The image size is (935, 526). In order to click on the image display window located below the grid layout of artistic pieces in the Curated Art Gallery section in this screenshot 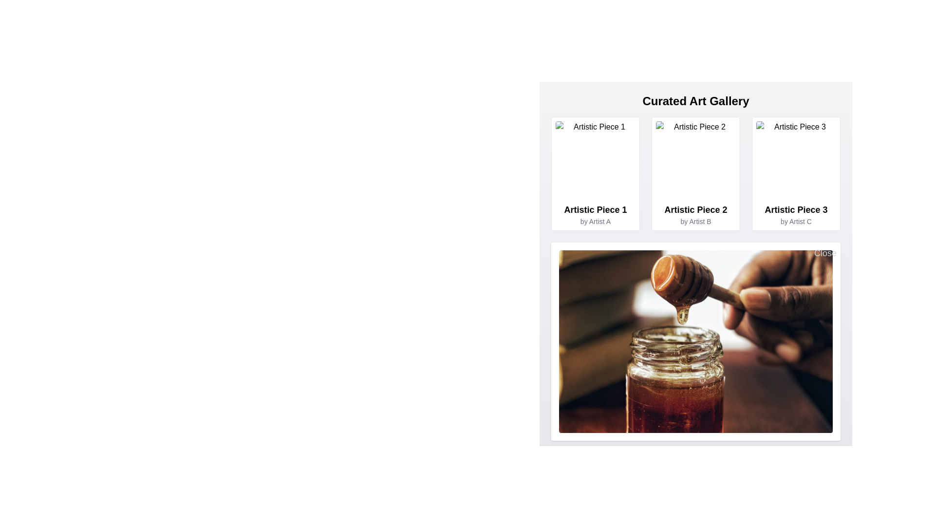, I will do `click(695, 335)`.